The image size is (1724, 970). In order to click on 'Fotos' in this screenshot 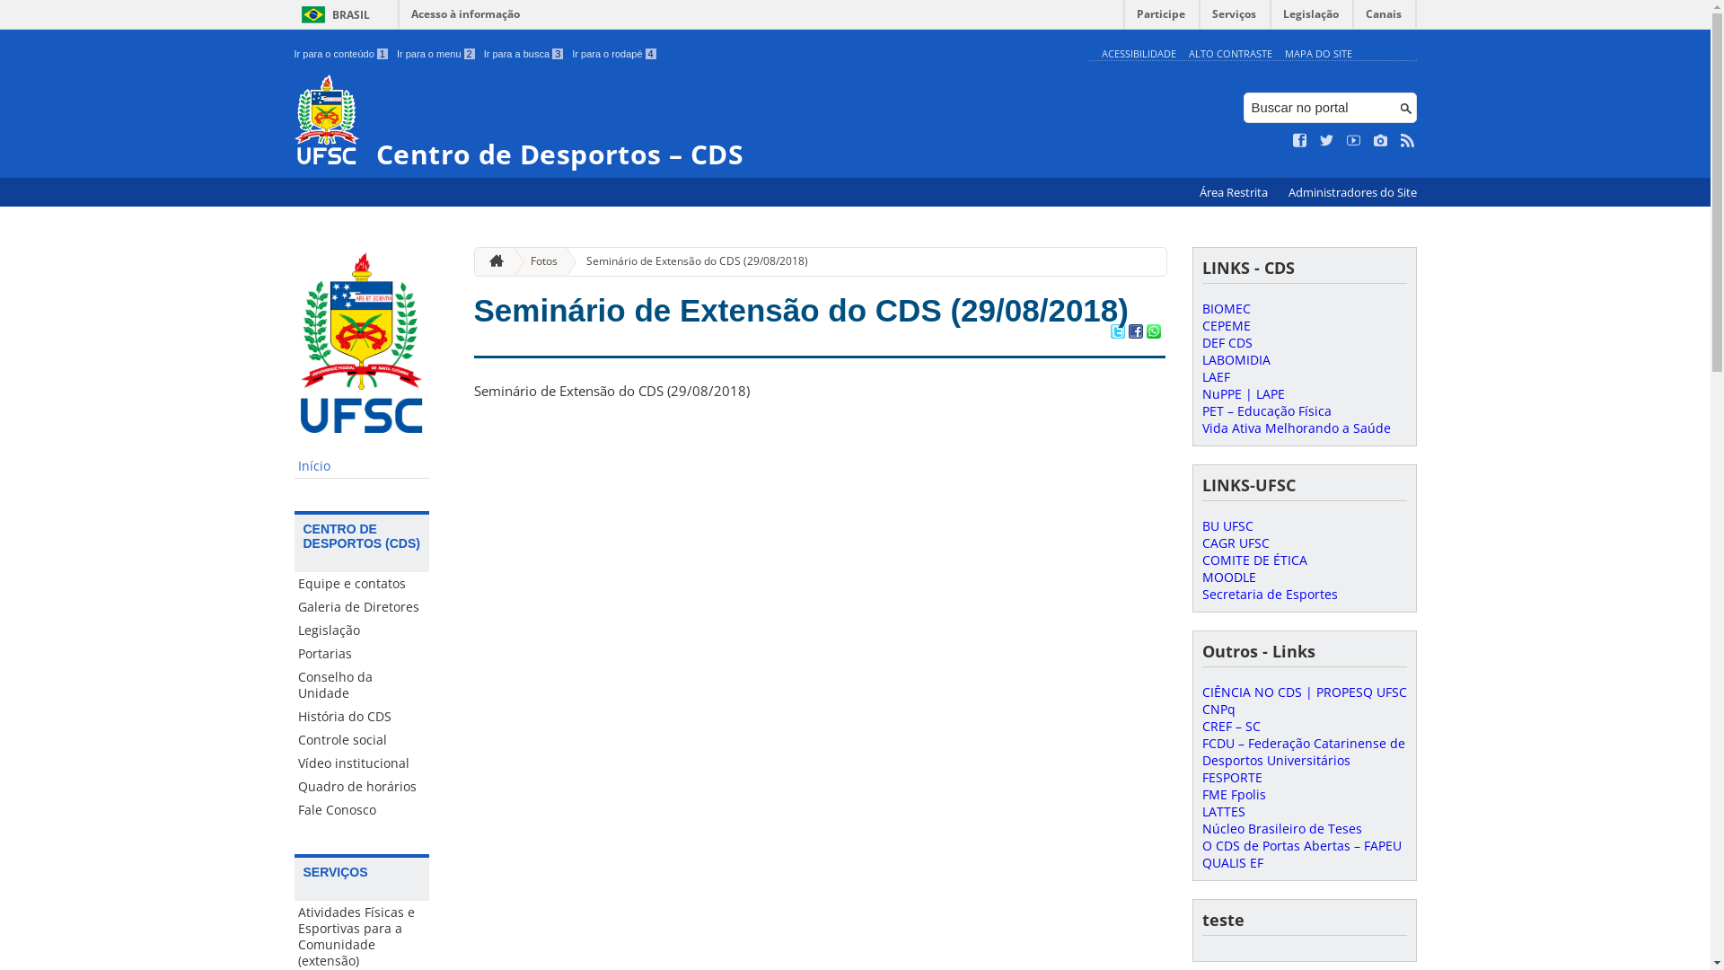, I will do `click(536, 261)`.